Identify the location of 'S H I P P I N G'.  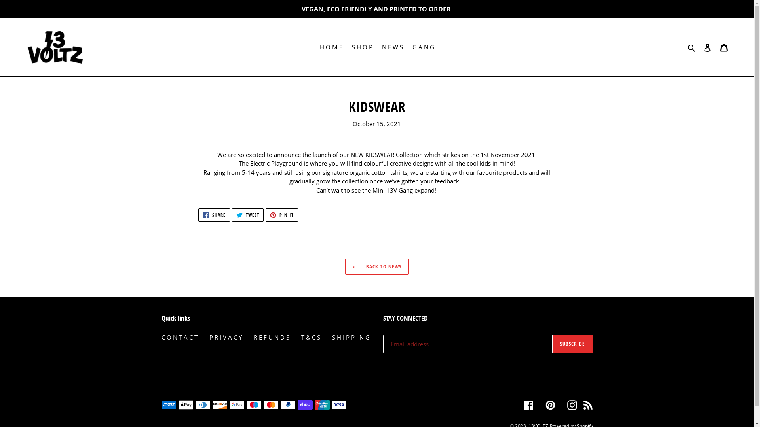
(350, 337).